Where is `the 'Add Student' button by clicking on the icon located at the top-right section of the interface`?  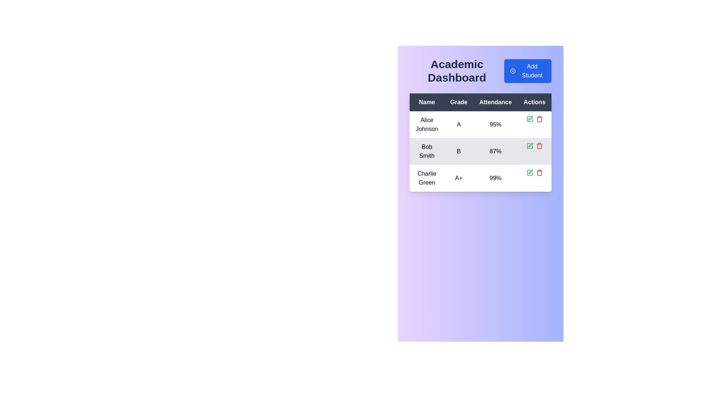 the 'Add Student' button by clicking on the icon located at the top-right section of the interface is located at coordinates (512, 71).